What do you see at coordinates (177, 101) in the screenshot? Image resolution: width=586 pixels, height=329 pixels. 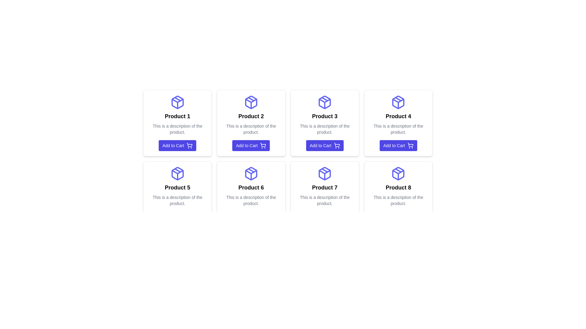 I see `the decorative triangular detail at the top center of the 'Product 1' icon` at bounding box center [177, 101].